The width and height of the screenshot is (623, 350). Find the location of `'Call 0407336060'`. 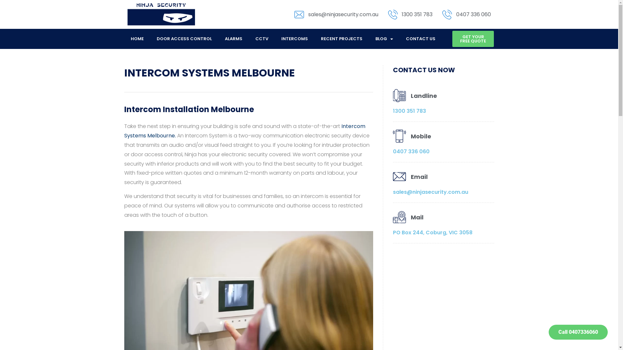

'Call 0407336060' is located at coordinates (578, 332).